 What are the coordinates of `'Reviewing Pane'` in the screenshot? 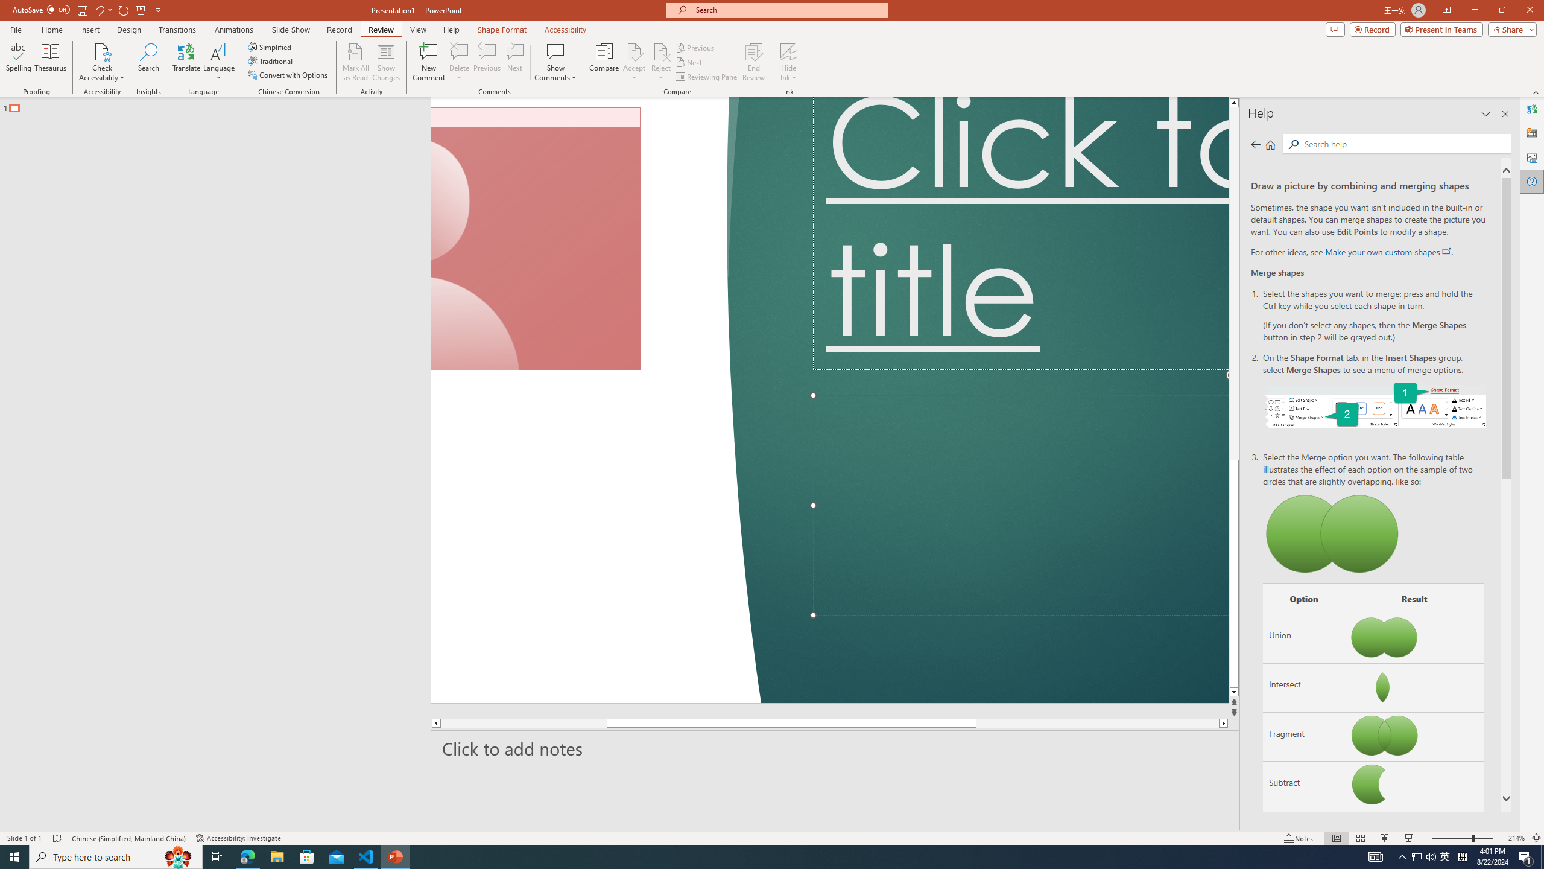 It's located at (706, 77).